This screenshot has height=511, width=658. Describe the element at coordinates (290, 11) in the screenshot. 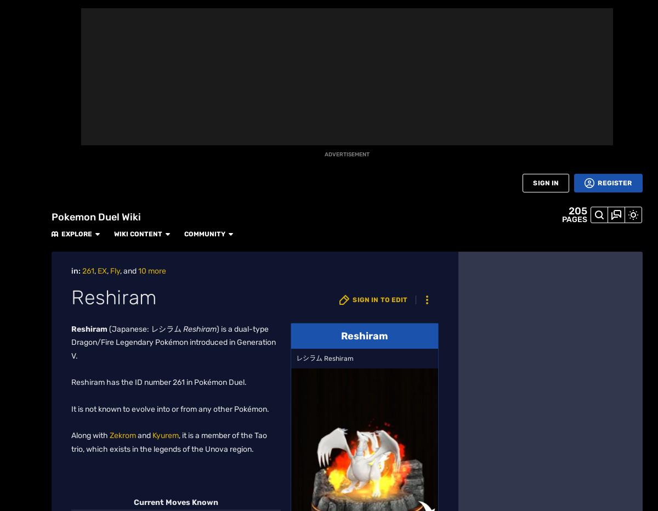

I see `'Community'` at that location.